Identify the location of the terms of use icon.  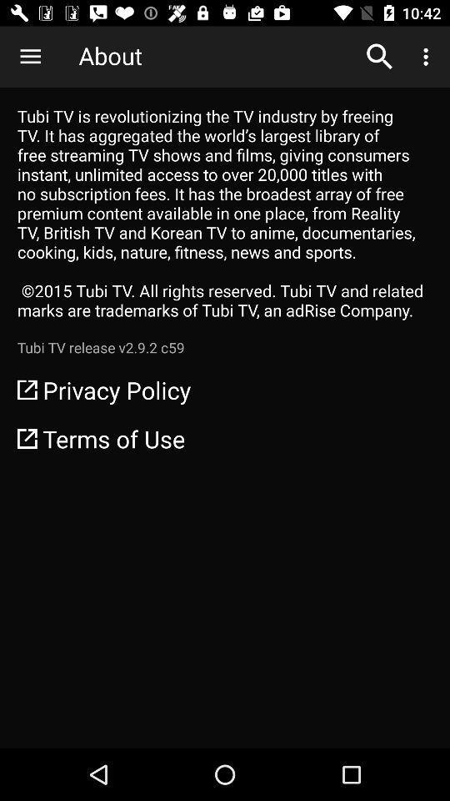
(225, 437).